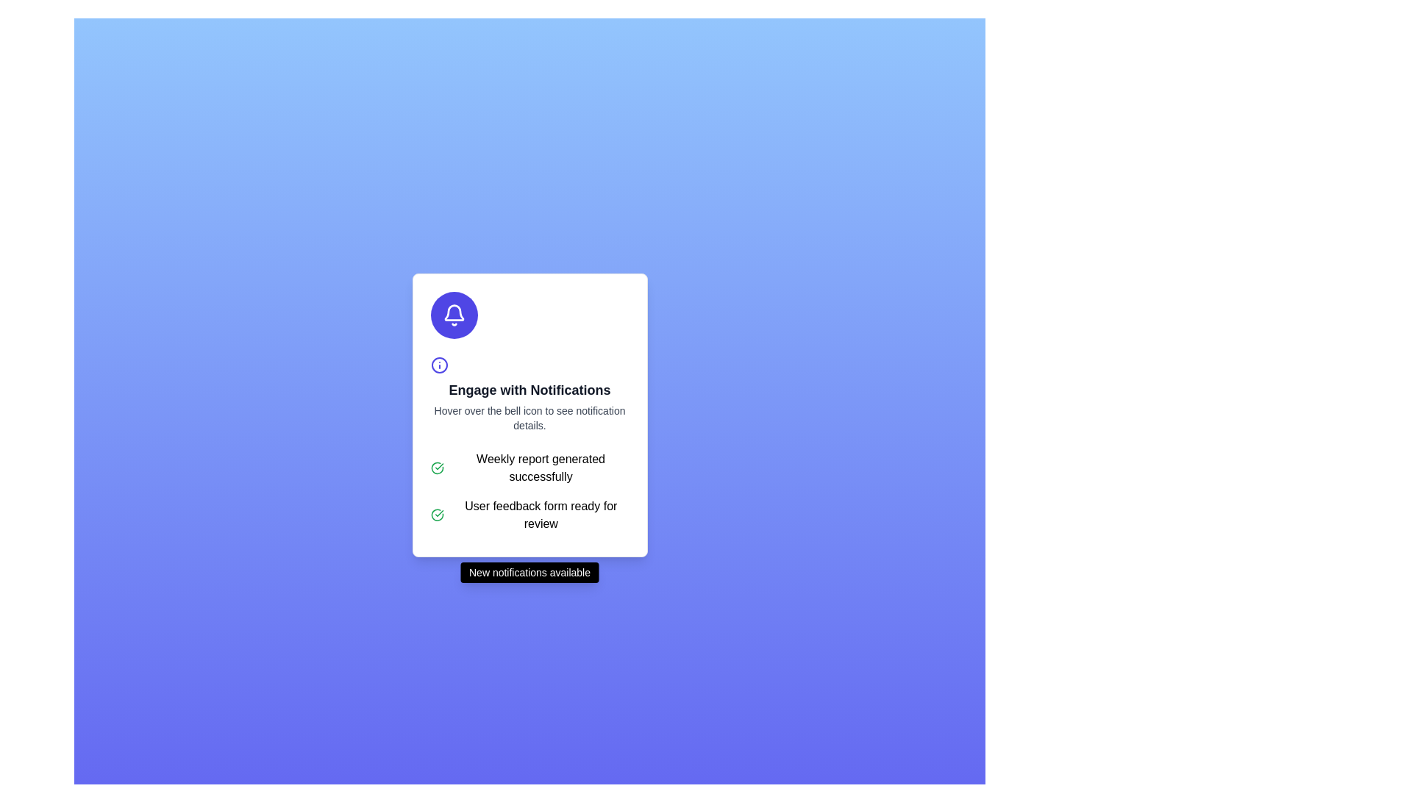 The image size is (1412, 794). What do you see at coordinates (436, 515) in the screenshot?
I see `the graphic icon indicating a confirmed status in the notification card next to the text 'Weekly report generated successfully.'` at bounding box center [436, 515].